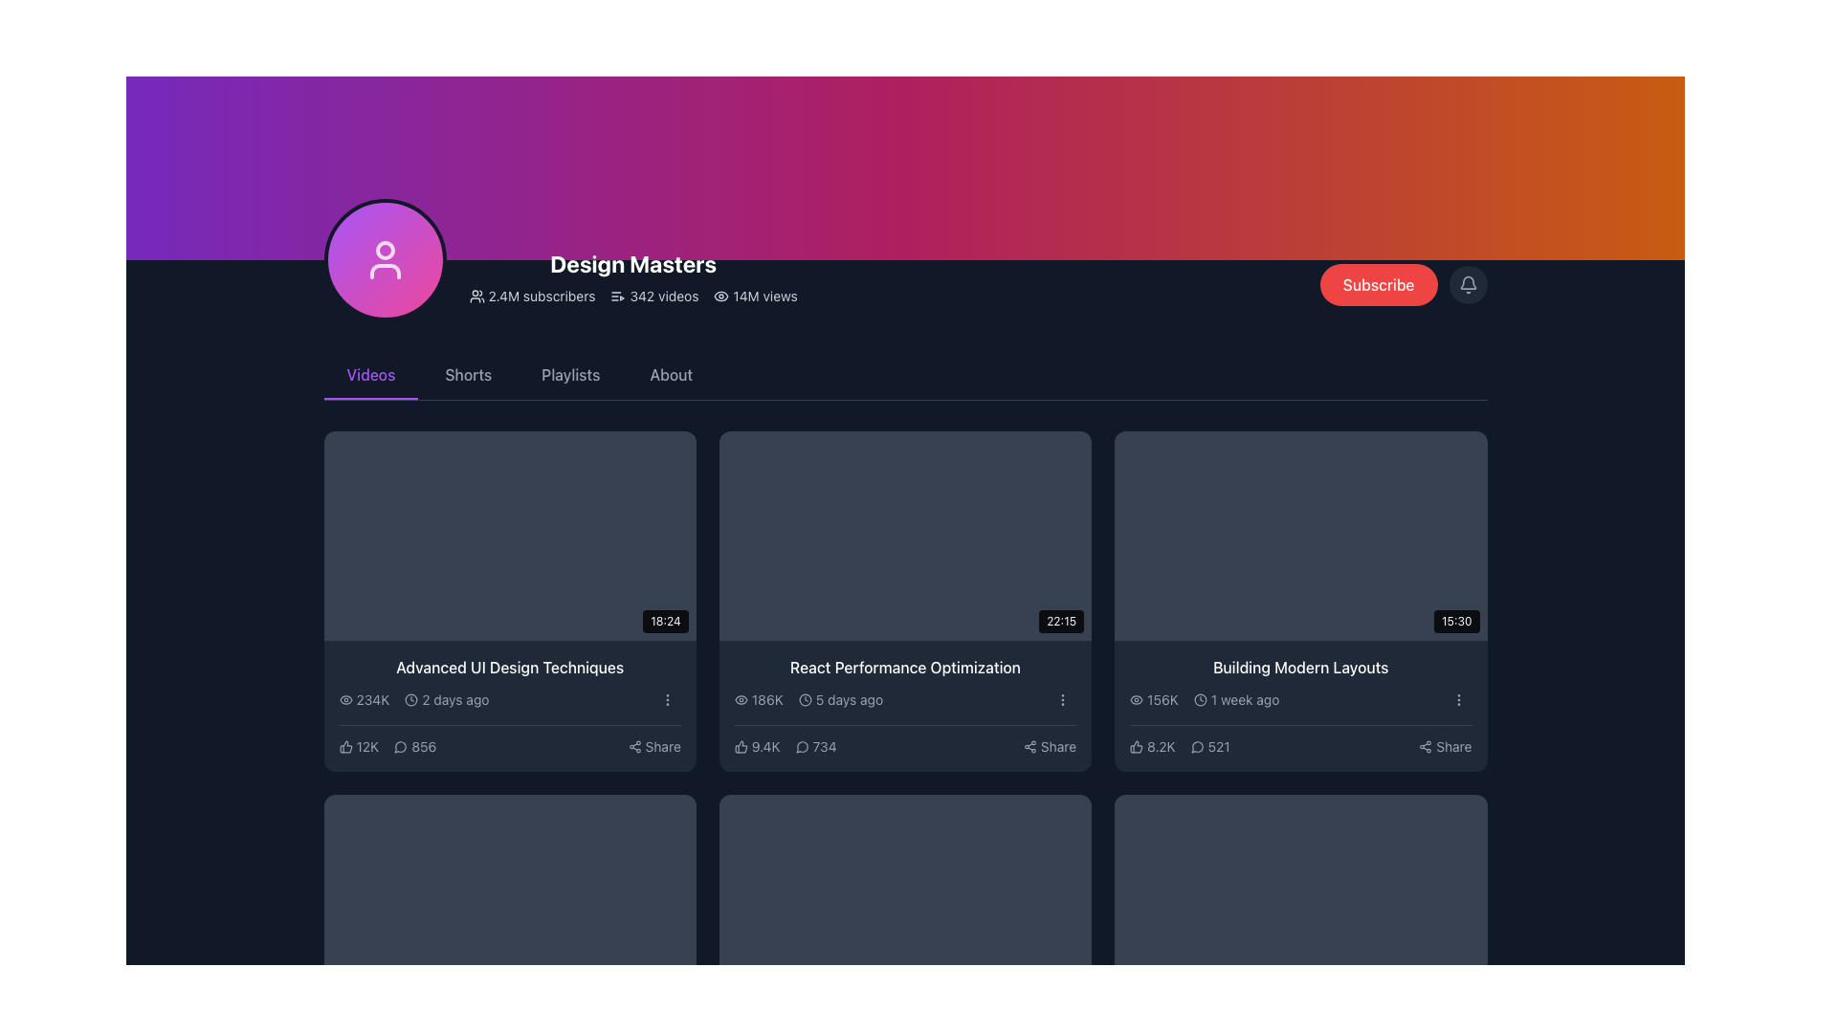  I want to click on the text block displaying the number of likes for the second video's metadata panel, so click(756, 745).